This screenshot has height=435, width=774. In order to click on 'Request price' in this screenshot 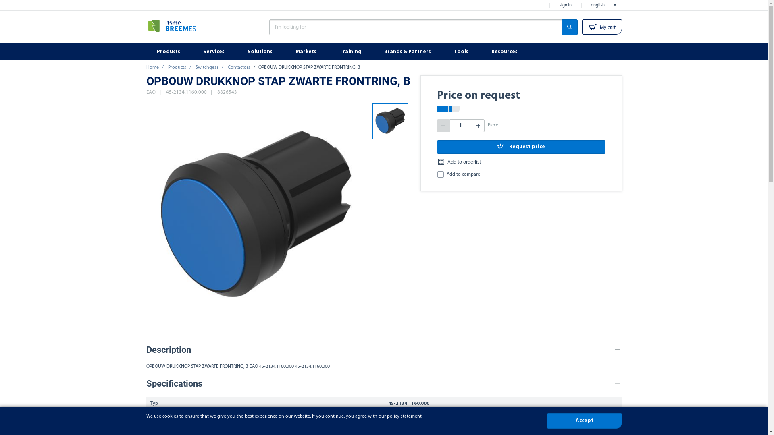, I will do `click(521, 147)`.